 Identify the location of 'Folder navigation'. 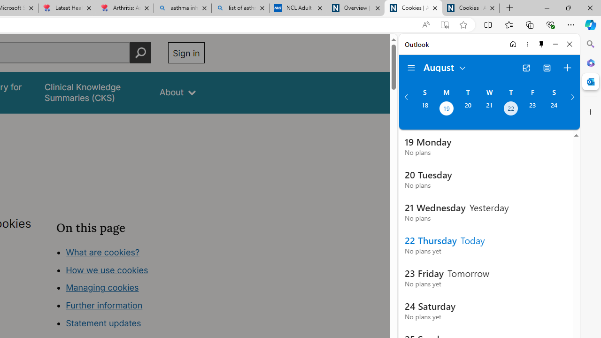
(411, 68).